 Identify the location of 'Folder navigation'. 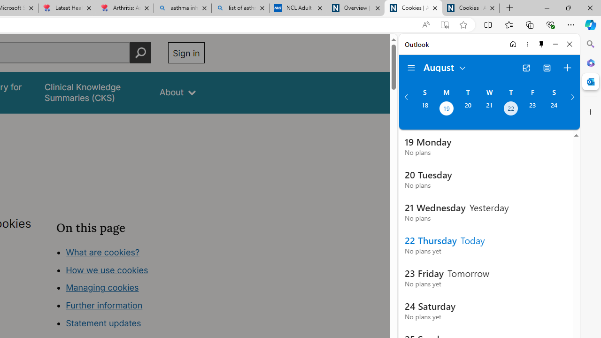
(411, 68).